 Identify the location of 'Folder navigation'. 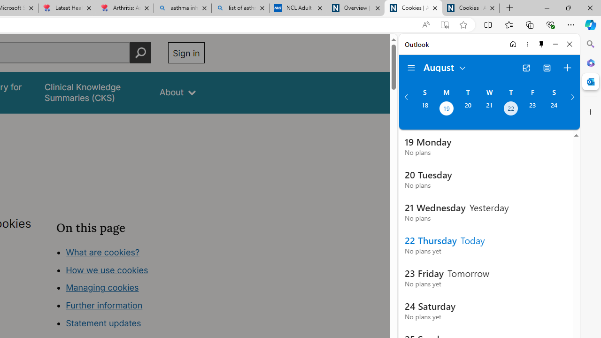
(411, 68).